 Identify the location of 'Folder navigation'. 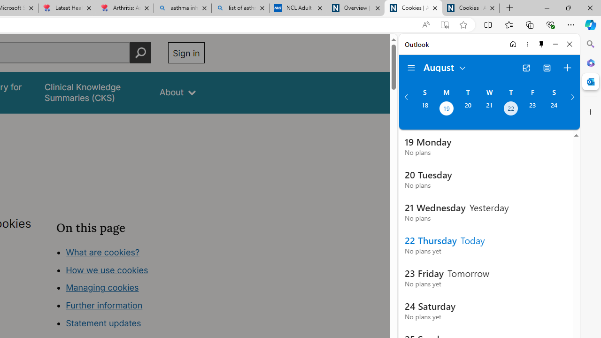
(411, 68).